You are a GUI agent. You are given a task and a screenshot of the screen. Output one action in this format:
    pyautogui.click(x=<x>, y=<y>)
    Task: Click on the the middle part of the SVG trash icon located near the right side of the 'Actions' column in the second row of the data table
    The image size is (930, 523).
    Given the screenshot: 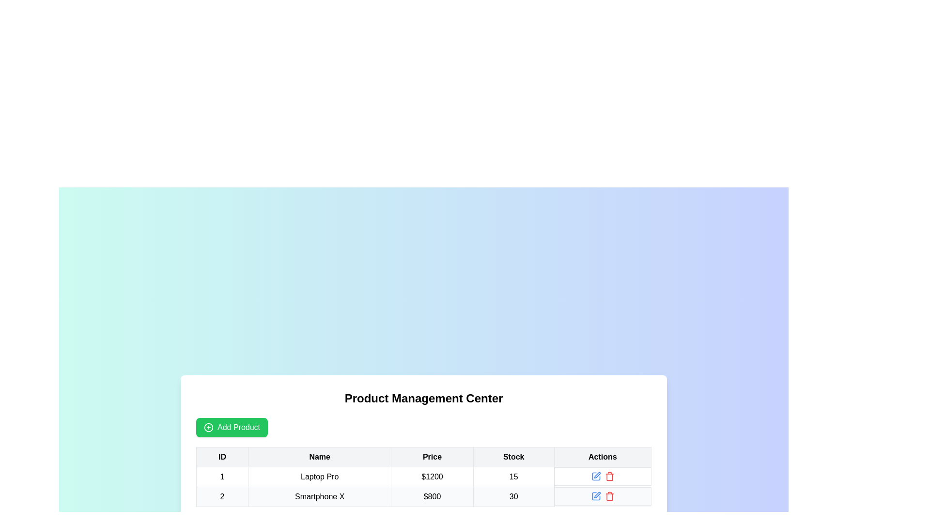 What is the action you would take?
    pyautogui.click(x=609, y=477)
    